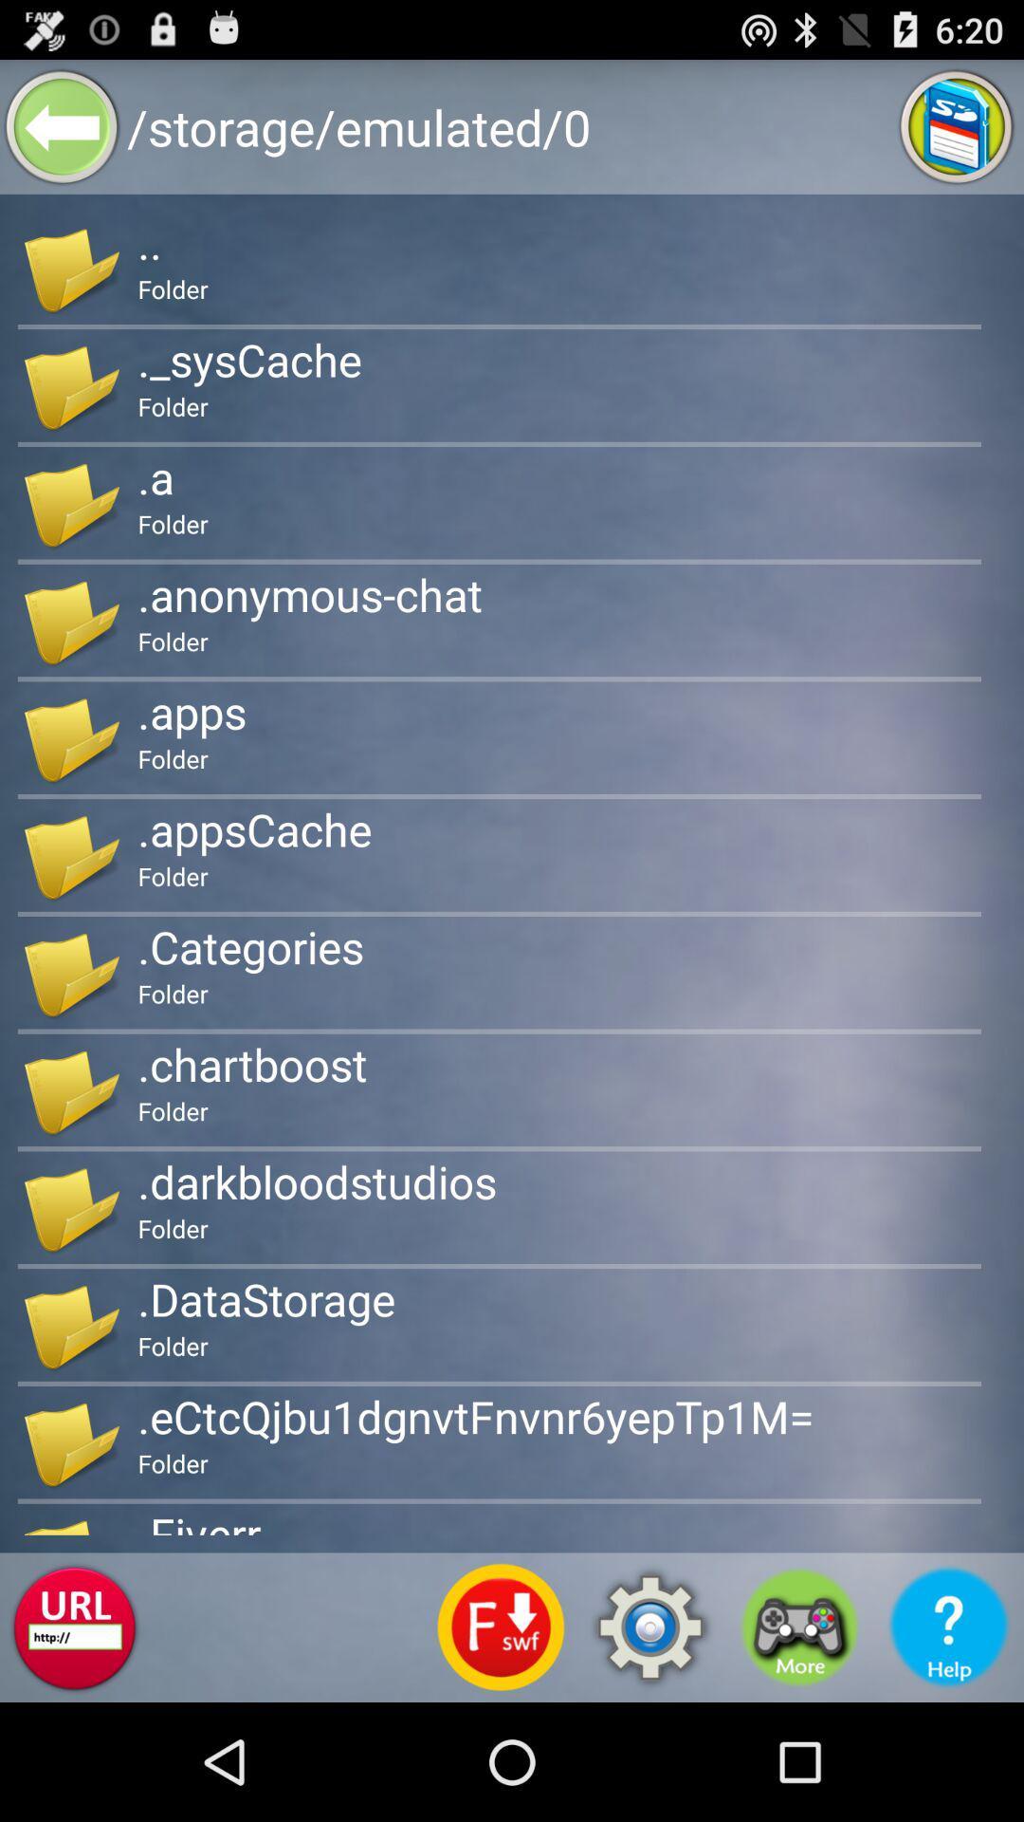 The height and width of the screenshot is (1822, 1024). Describe the element at coordinates (309, 593) in the screenshot. I see `.anonymous-chat app` at that location.